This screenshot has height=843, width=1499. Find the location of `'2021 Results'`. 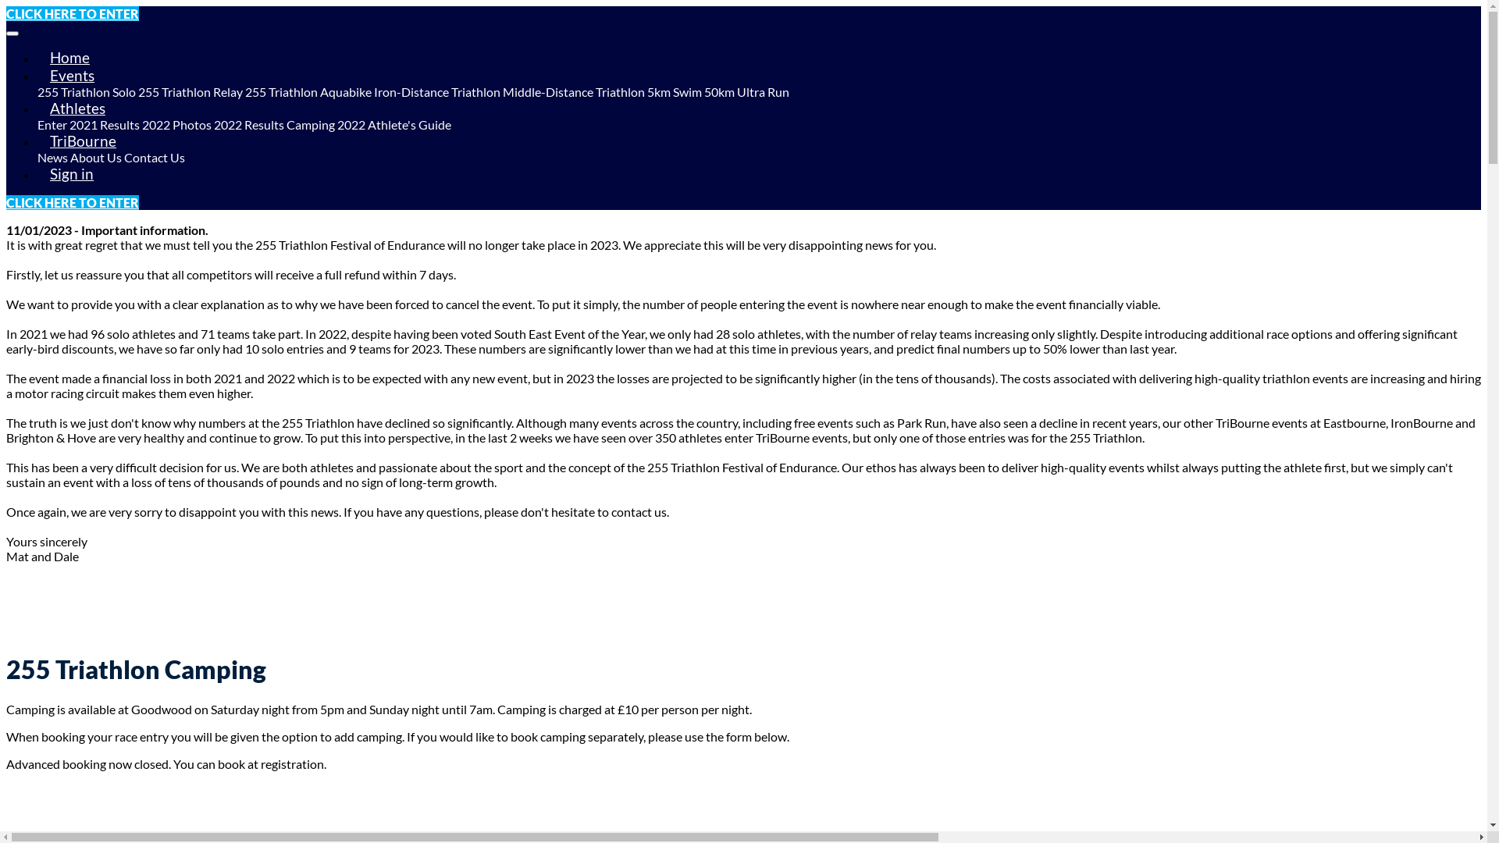

'2021 Results' is located at coordinates (69, 123).